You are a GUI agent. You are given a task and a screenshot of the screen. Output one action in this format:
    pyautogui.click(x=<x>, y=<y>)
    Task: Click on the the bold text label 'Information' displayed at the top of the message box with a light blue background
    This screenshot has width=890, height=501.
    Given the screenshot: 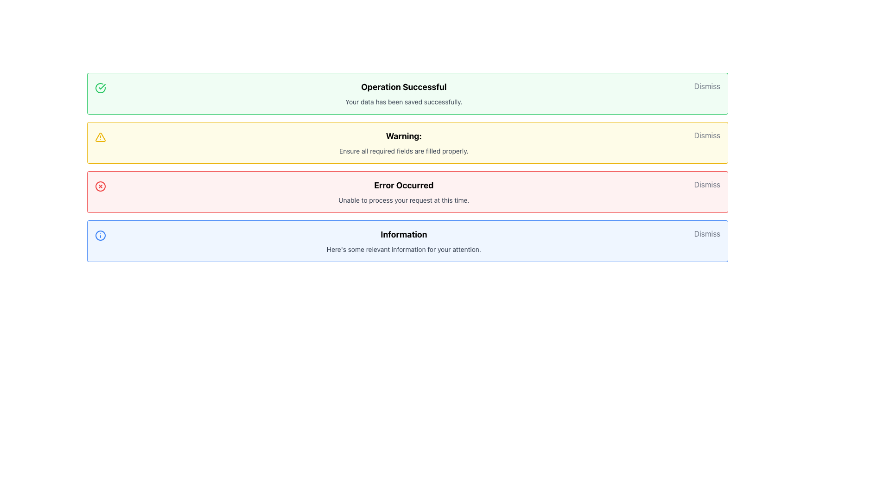 What is the action you would take?
    pyautogui.click(x=404, y=234)
    